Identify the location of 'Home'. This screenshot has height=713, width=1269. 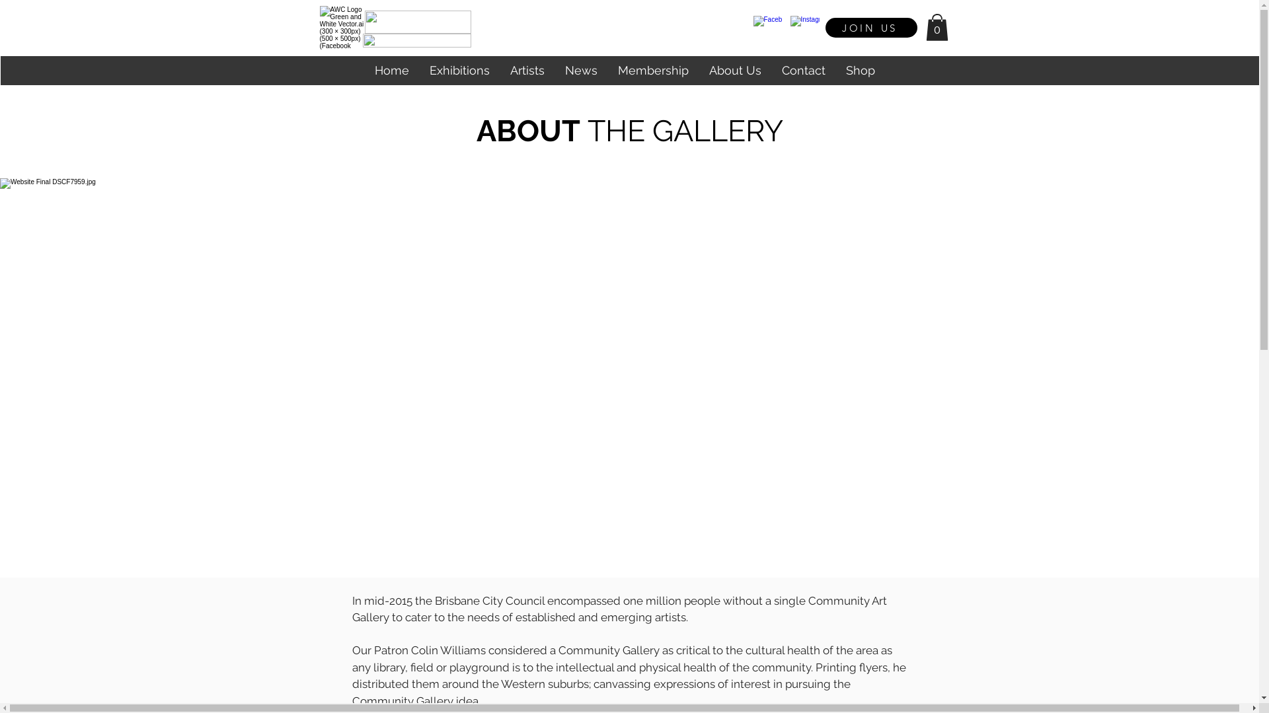
(364, 71).